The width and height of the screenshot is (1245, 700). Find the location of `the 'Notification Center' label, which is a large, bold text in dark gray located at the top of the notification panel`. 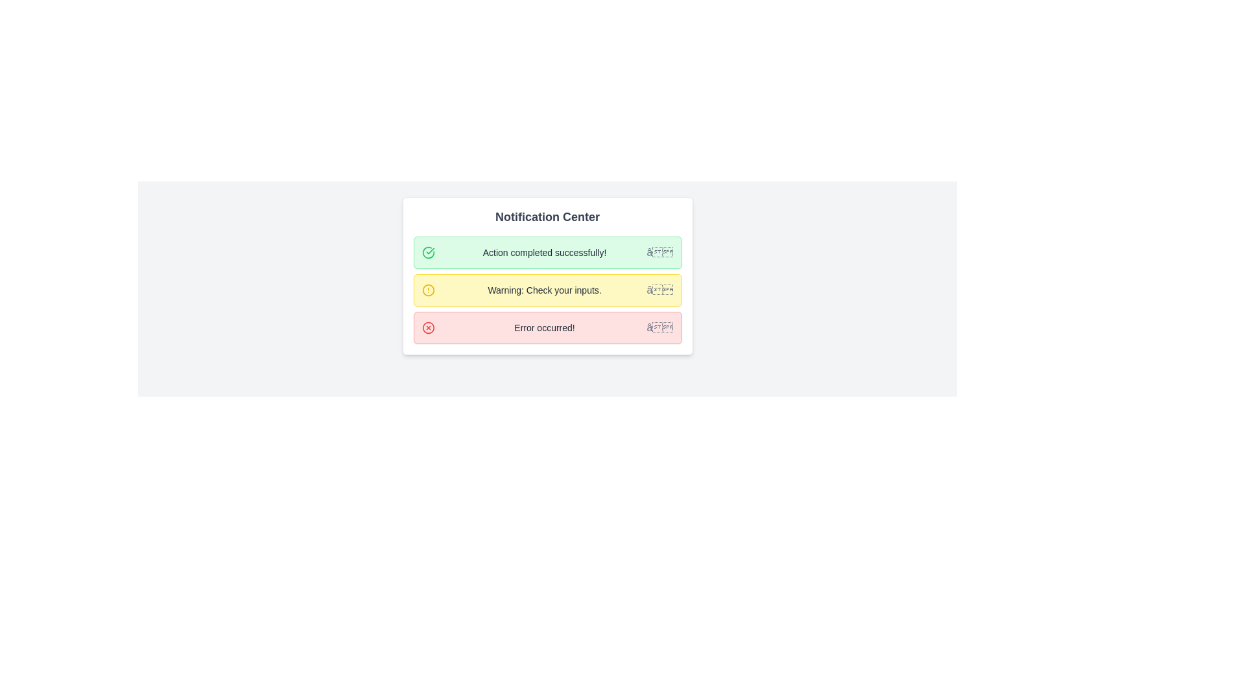

the 'Notification Center' label, which is a large, bold text in dark gray located at the top of the notification panel is located at coordinates (547, 216).